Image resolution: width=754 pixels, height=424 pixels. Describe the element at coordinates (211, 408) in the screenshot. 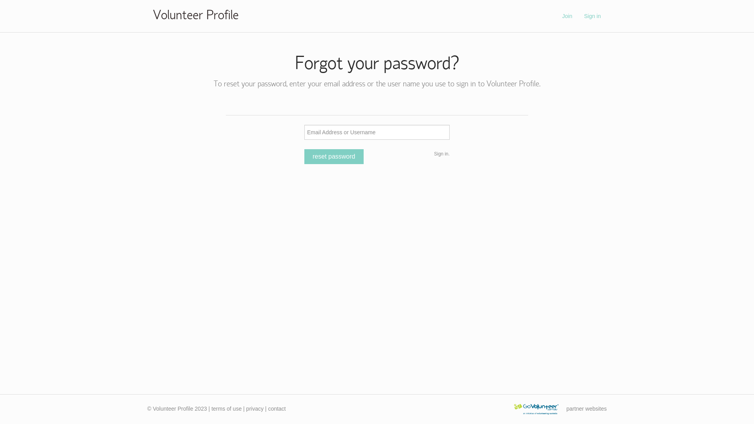

I see `'terms of use'` at that location.